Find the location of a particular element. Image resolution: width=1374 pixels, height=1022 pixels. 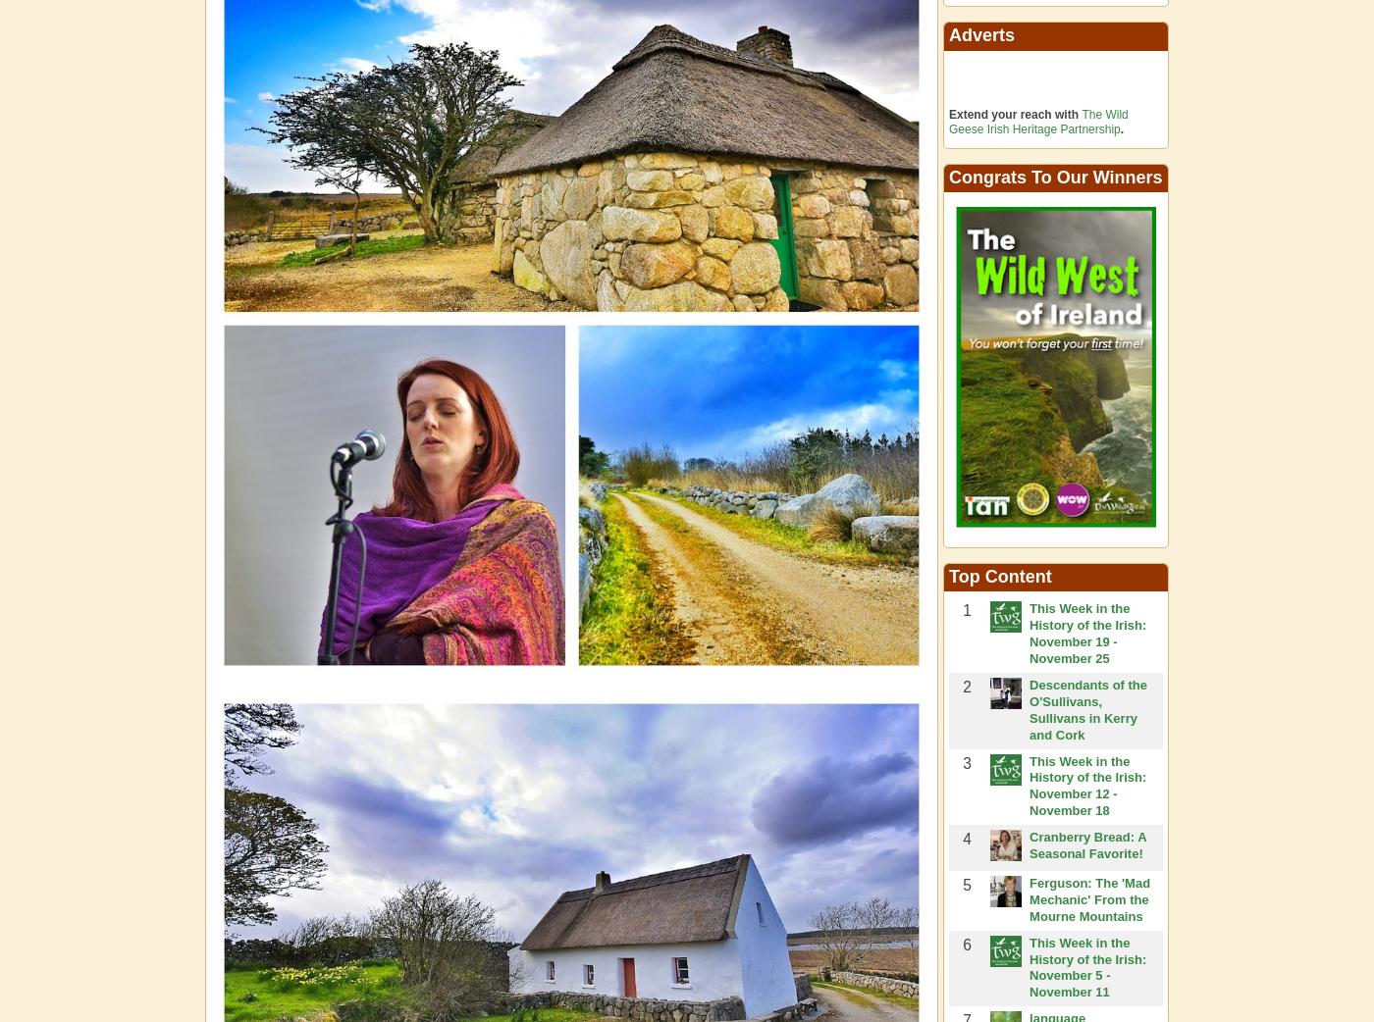

'The Wild Geese Irish Heritage Partnership' is located at coordinates (947, 121).